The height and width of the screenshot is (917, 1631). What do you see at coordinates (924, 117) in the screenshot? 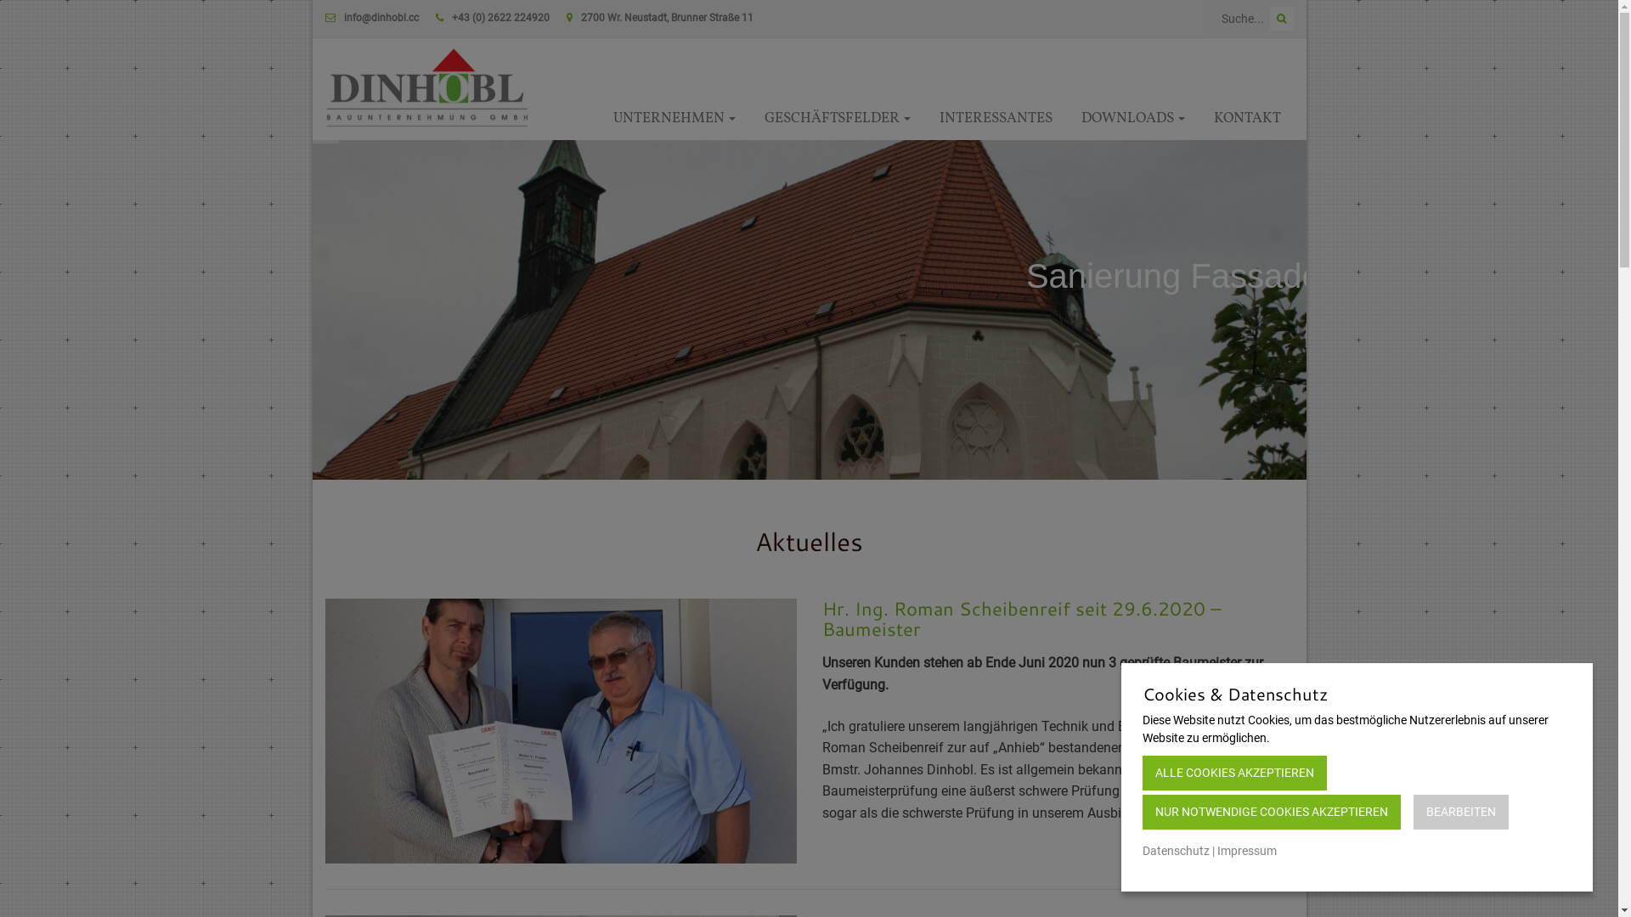
I see `'INTERESSANTES'` at bounding box center [924, 117].